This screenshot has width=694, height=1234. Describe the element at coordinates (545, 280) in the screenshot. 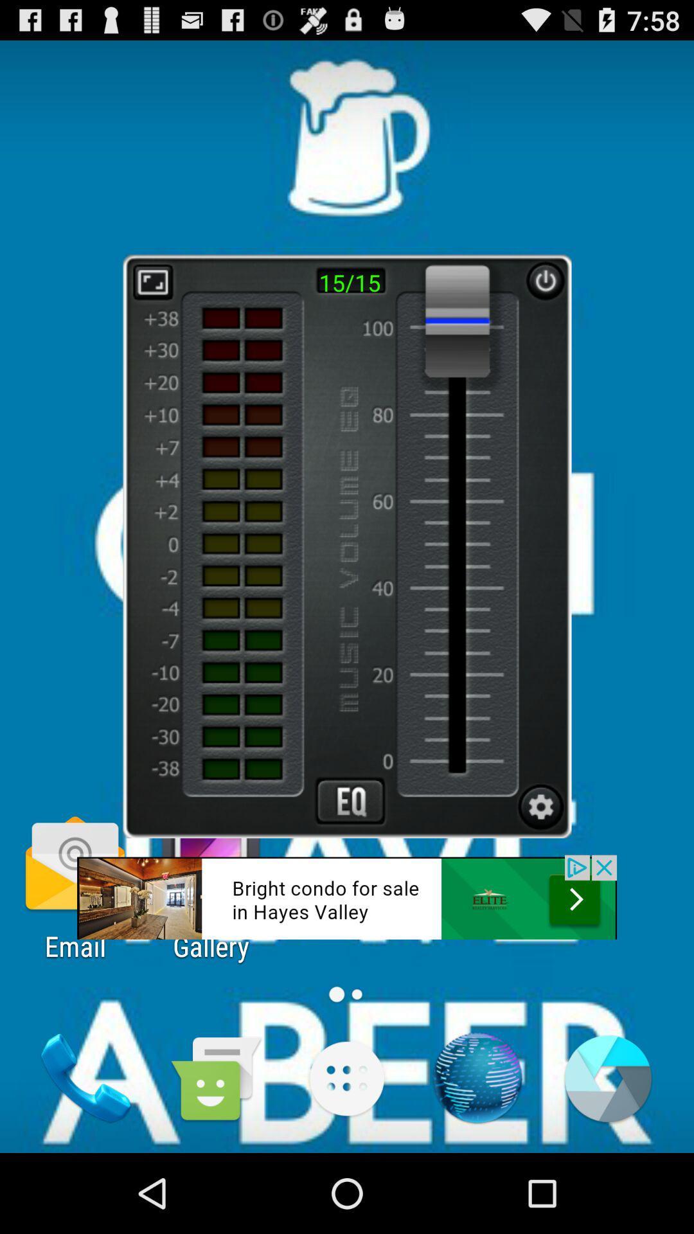

I see `pause button` at that location.